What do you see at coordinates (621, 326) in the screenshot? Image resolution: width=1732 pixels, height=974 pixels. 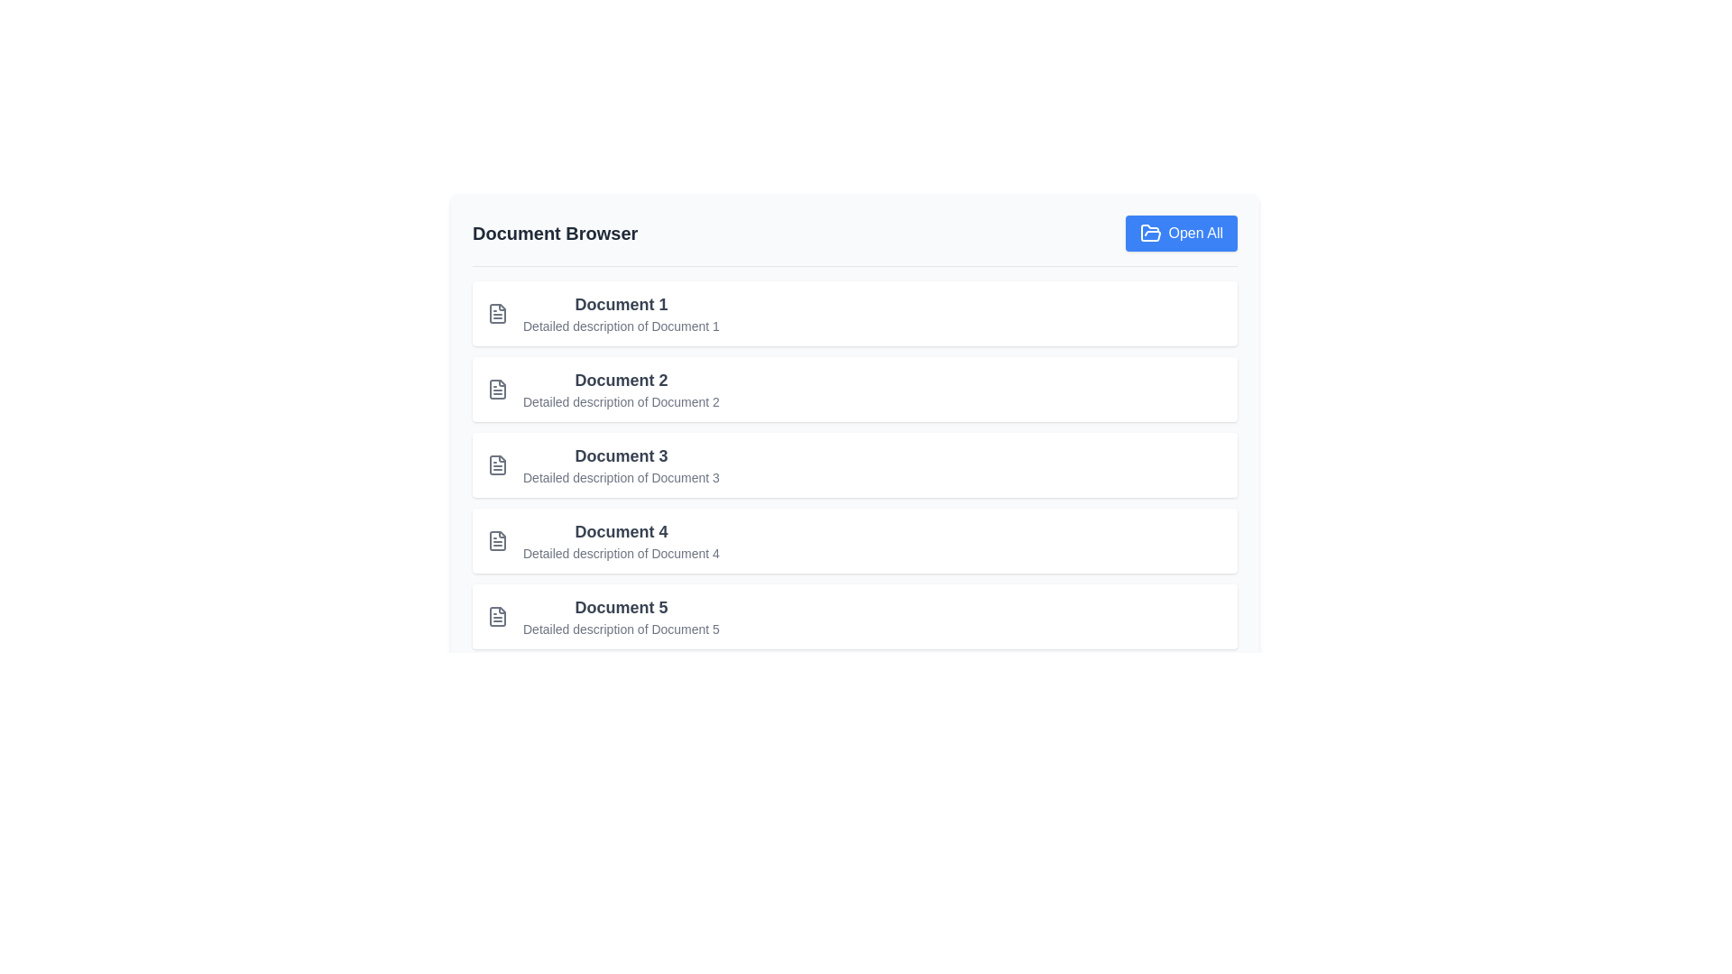 I see `the static text label displaying 'Detailed description of Document 1', which is located directly beneath the title 'Document 1' in the document list` at bounding box center [621, 326].